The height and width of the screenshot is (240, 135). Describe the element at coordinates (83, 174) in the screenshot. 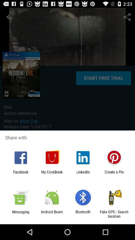

I see `icon next to my cookbook icon` at that location.